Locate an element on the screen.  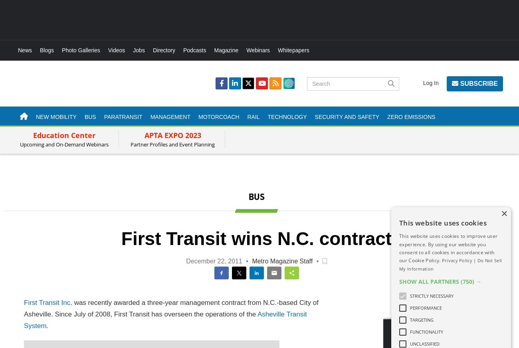
'New Mobility' is located at coordinates (55, 116).